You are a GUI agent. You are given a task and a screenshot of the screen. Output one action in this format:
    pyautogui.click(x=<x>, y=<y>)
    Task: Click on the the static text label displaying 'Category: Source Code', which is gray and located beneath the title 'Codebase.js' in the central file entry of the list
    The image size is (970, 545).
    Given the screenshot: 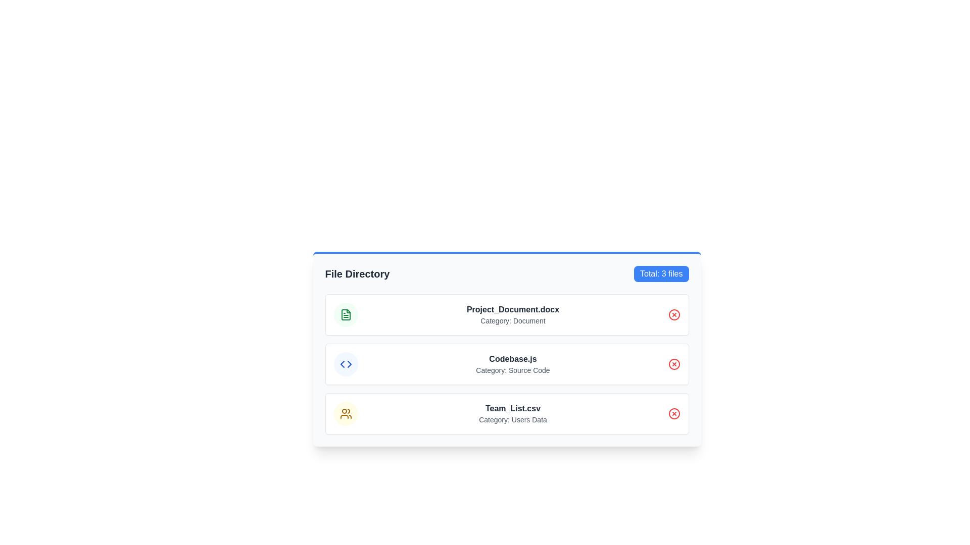 What is the action you would take?
    pyautogui.click(x=513, y=370)
    